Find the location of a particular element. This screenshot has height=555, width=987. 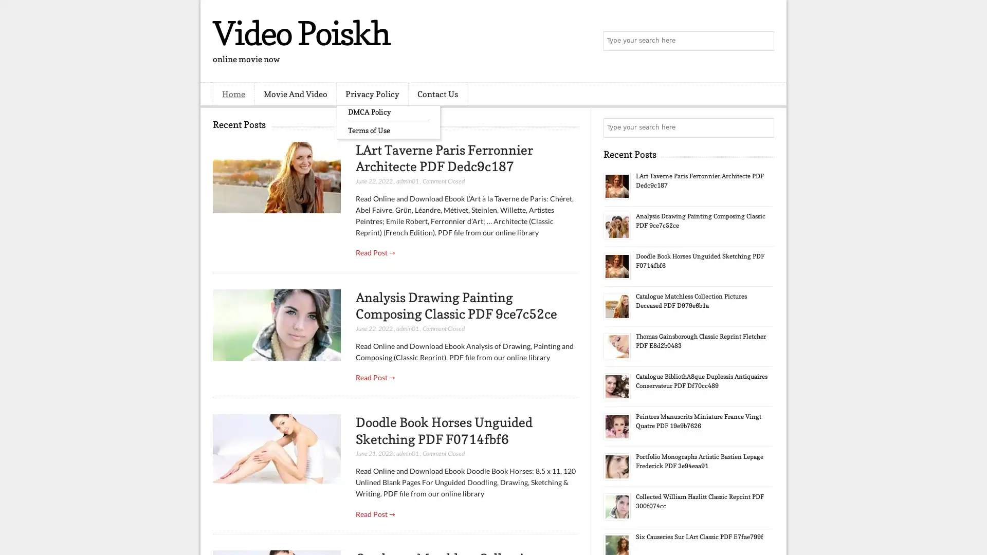

Search is located at coordinates (763, 127).